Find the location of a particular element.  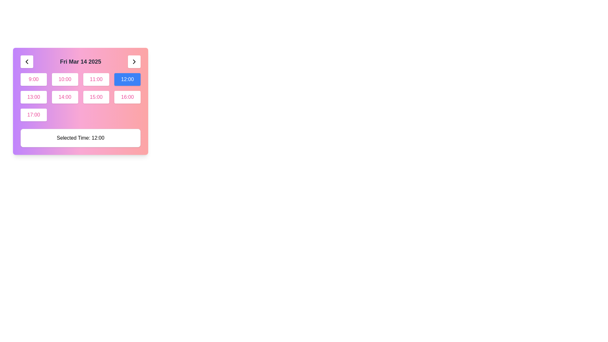

the selectable time slot button for '11:00', which is located is located at coordinates (96, 79).